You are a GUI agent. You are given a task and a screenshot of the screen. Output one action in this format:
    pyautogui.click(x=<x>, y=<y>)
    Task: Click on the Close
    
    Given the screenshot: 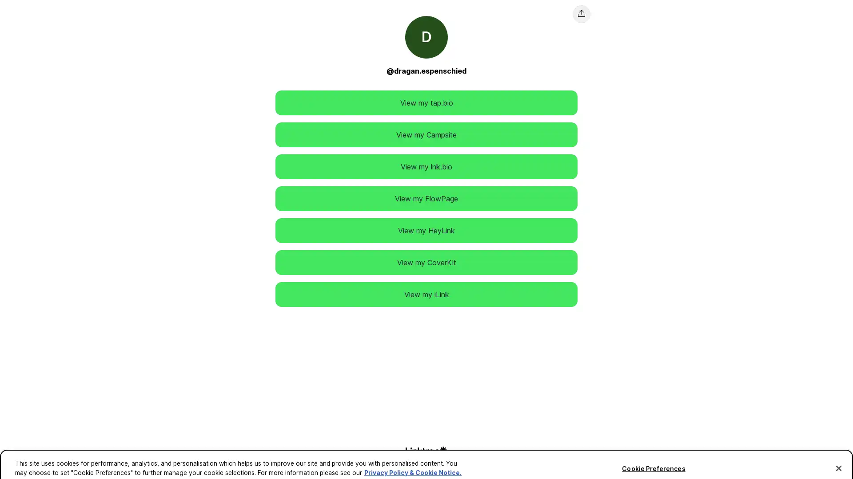 What is the action you would take?
    pyautogui.click(x=838, y=458)
    